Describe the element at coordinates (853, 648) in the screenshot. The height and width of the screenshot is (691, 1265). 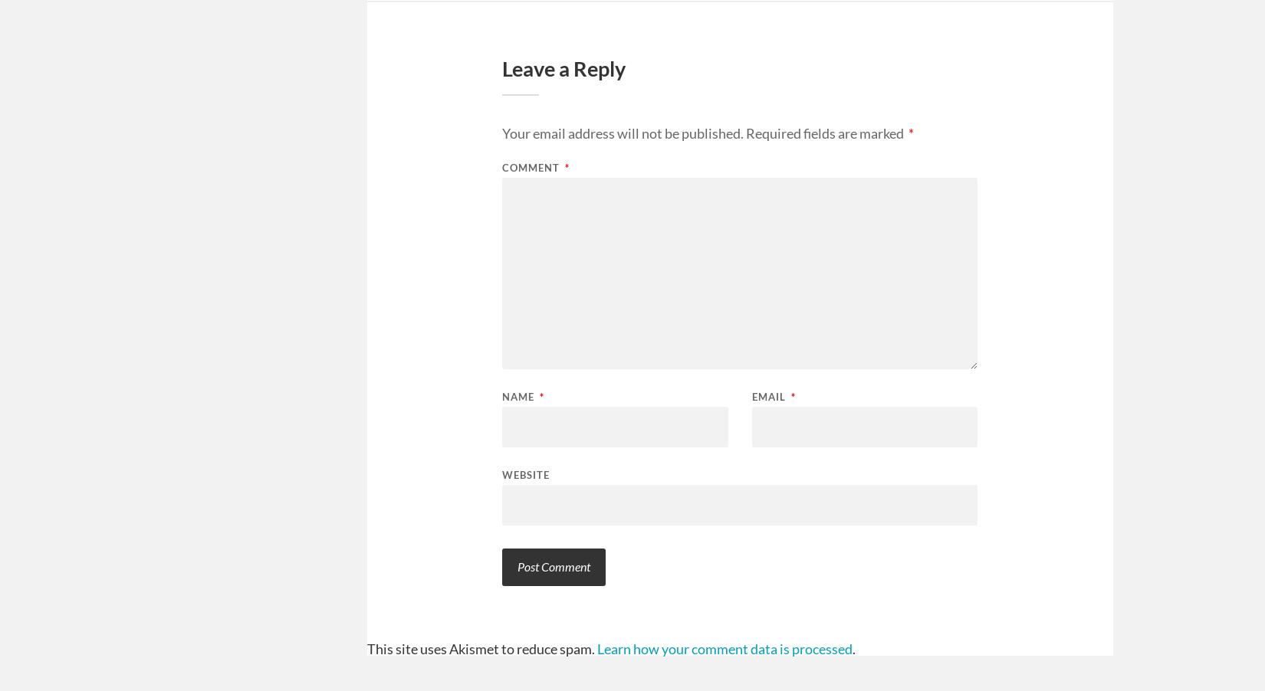
I see `'.'` at that location.